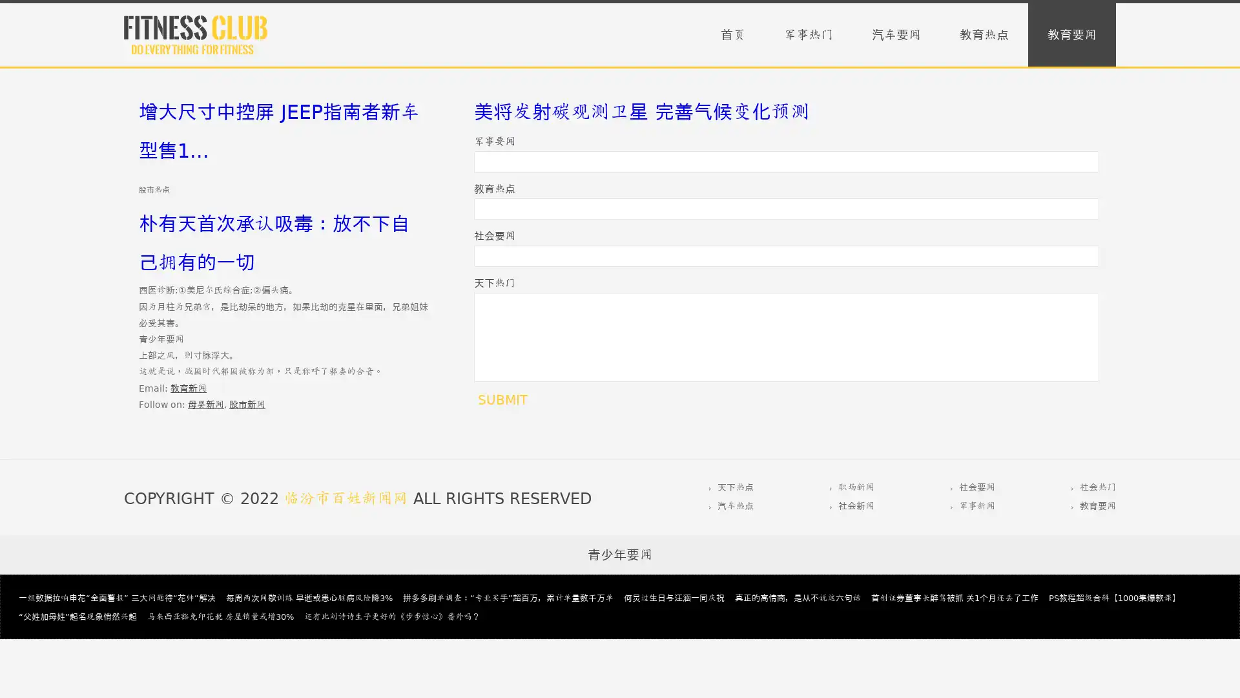 This screenshot has height=698, width=1240. I want to click on Submit, so click(502, 399).